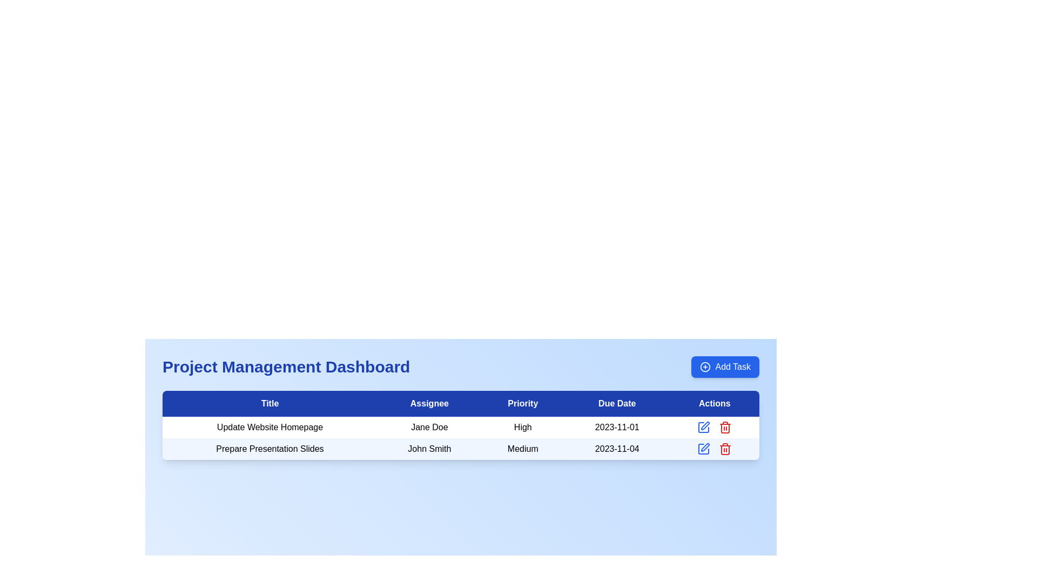 This screenshot has height=583, width=1037. What do you see at coordinates (286, 366) in the screenshot?
I see `the 'Project Management Dashboard' text header for accessibility tools` at bounding box center [286, 366].